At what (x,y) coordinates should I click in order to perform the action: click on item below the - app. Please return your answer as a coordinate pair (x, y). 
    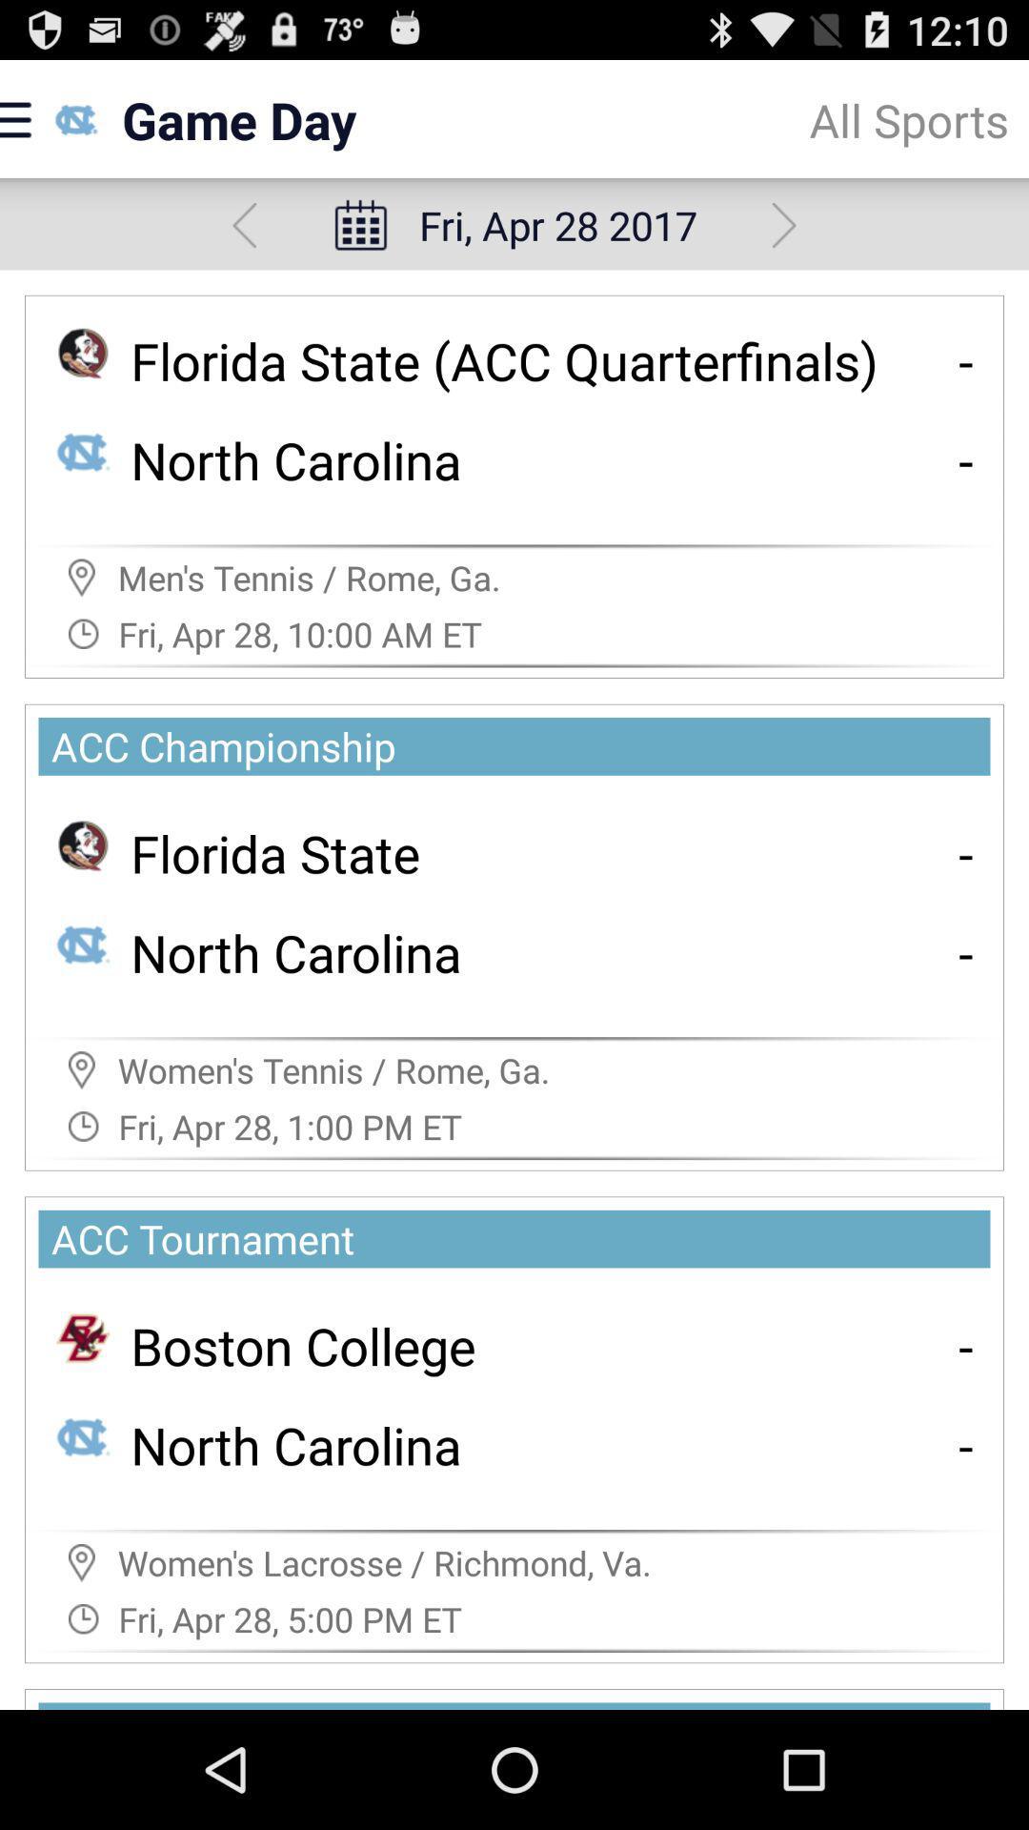
    Looking at the image, I should click on (966, 952).